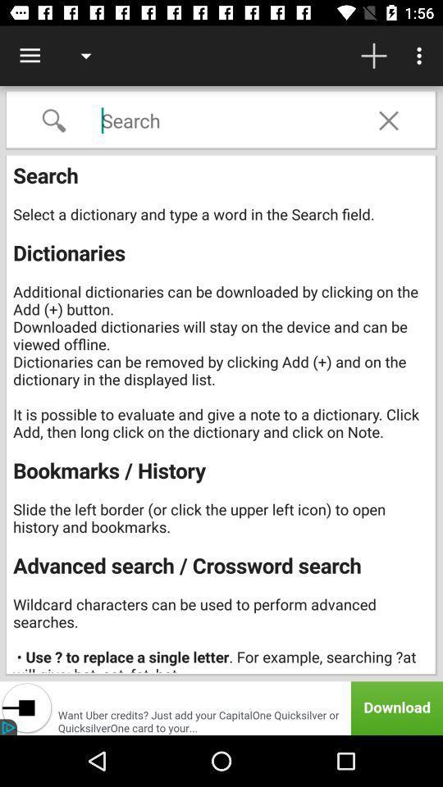  What do you see at coordinates (388, 120) in the screenshot?
I see `the close icon` at bounding box center [388, 120].